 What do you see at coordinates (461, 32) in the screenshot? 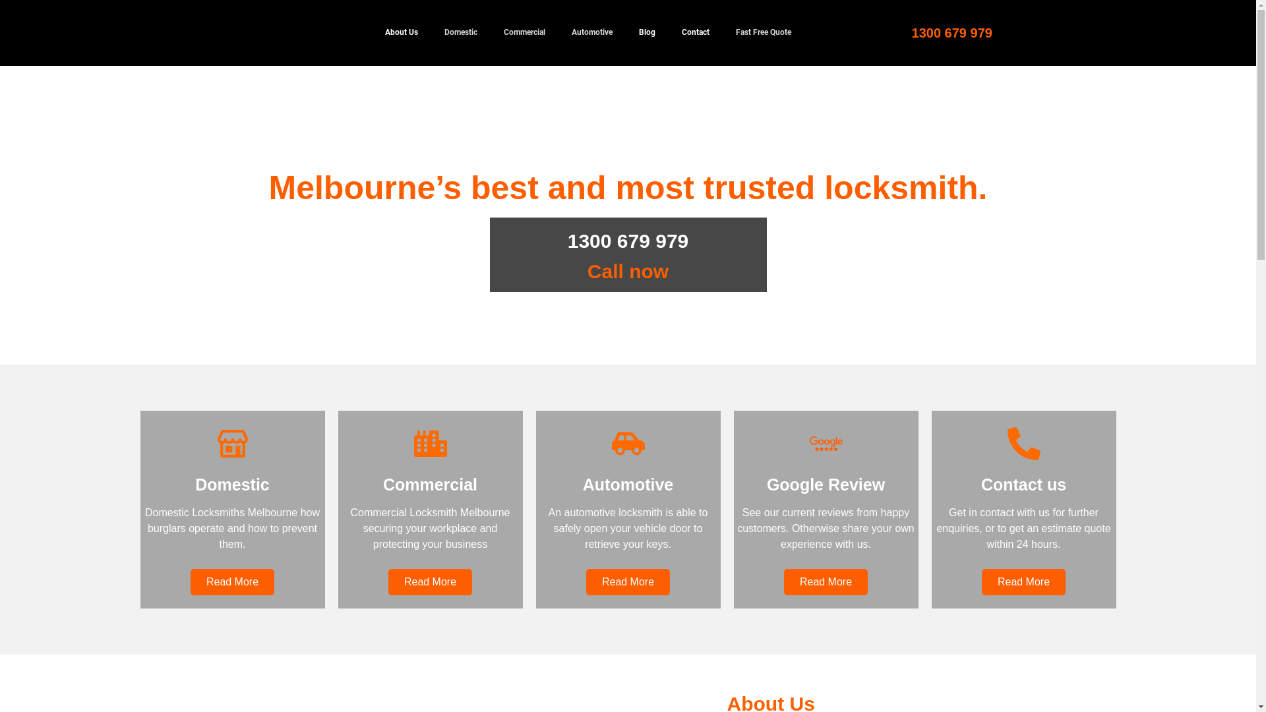
I see `'Domestic'` at bounding box center [461, 32].